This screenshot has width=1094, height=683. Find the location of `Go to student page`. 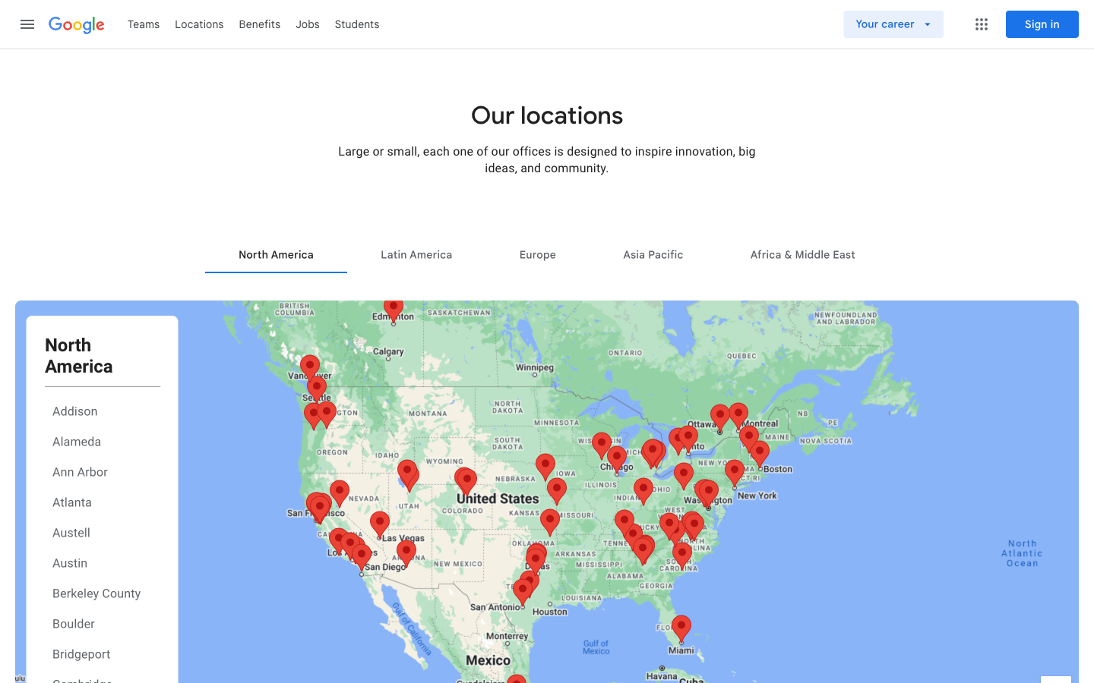

Go to student page is located at coordinates (357, 23).